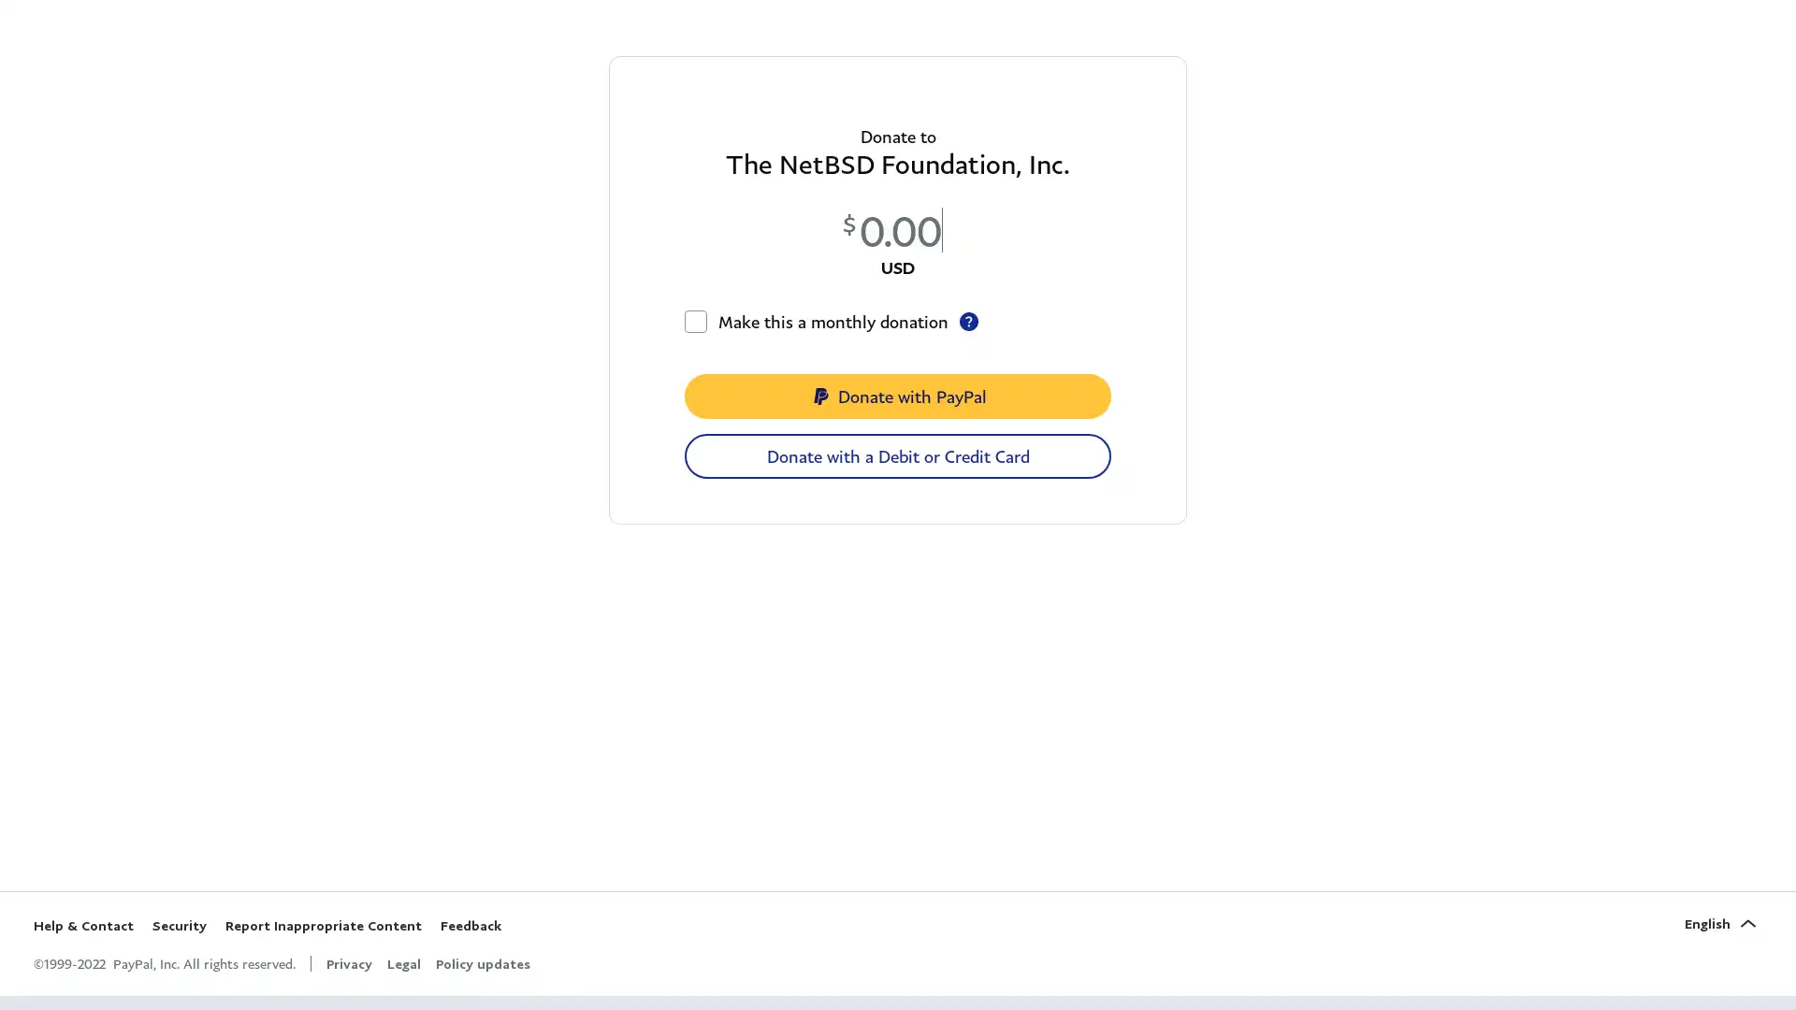 This screenshot has width=1796, height=1010. I want to click on Donate with a Debit or Credit Card, so click(898, 456).